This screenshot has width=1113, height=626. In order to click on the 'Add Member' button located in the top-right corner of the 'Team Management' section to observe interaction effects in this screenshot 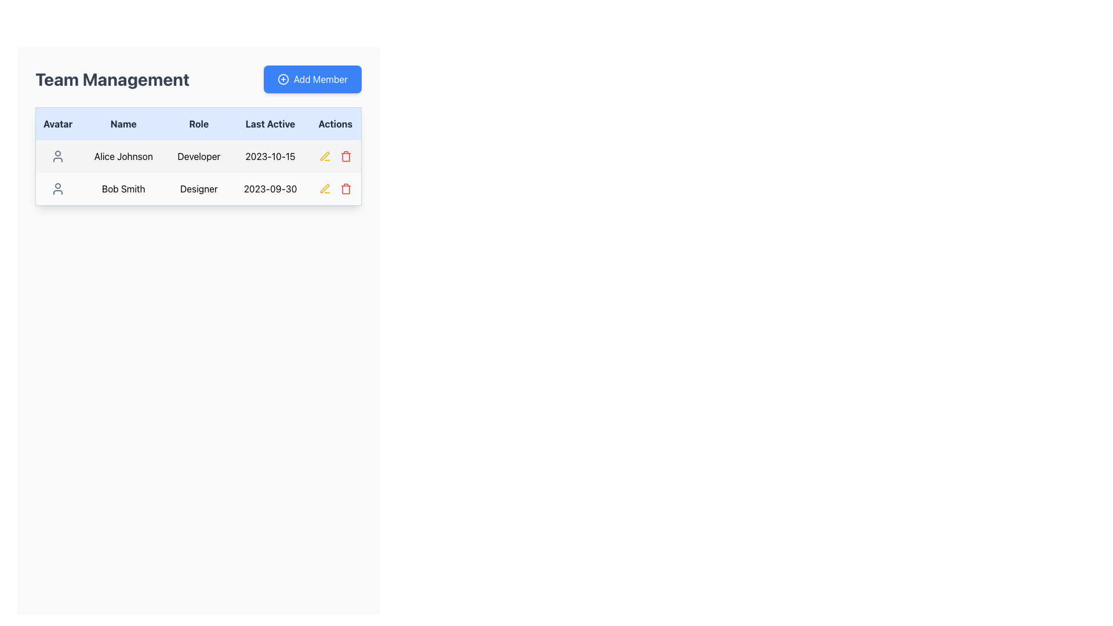, I will do `click(312, 79)`.